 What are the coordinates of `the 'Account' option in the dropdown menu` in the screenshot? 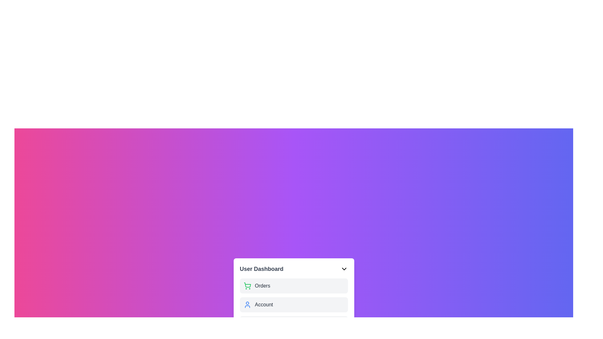 It's located at (293, 304).